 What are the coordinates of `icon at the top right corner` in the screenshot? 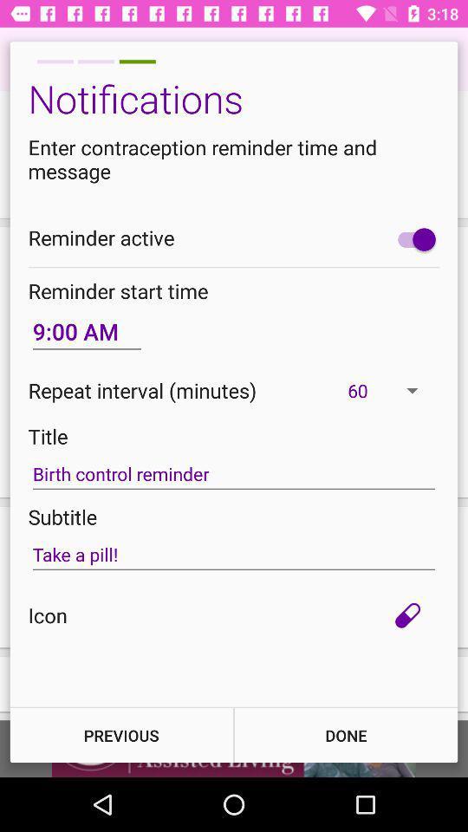 It's located at (412, 238).